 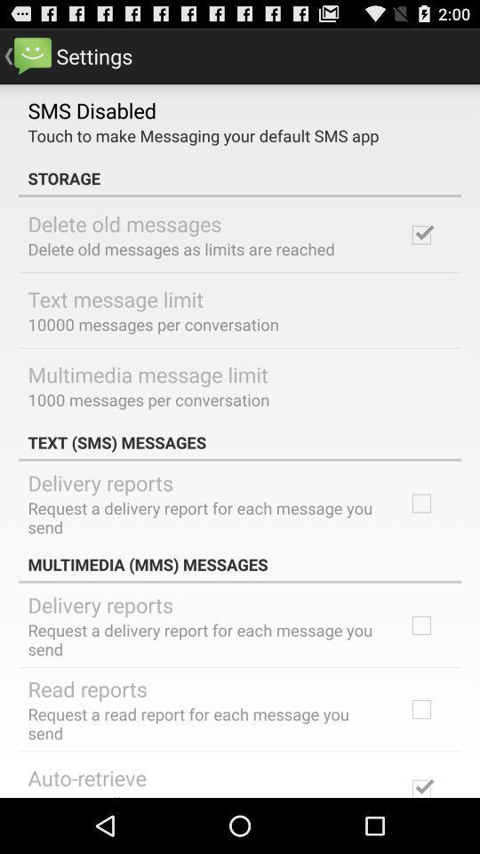 What do you see at coordinates (86, 777) in the screenshot?
I see `the auto-retrieve item` at bounding box center [86, 777].